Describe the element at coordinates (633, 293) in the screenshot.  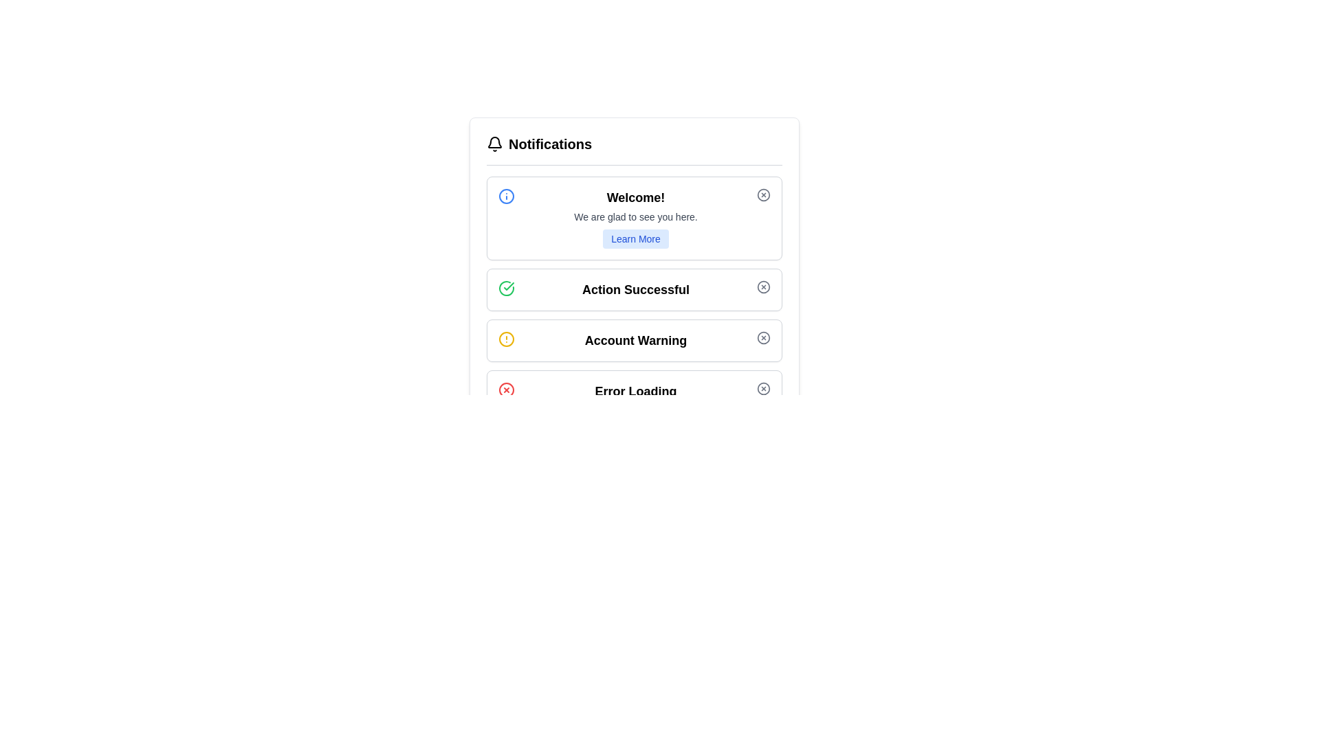
I see `the second notification element in the Notifications panel` at that location.